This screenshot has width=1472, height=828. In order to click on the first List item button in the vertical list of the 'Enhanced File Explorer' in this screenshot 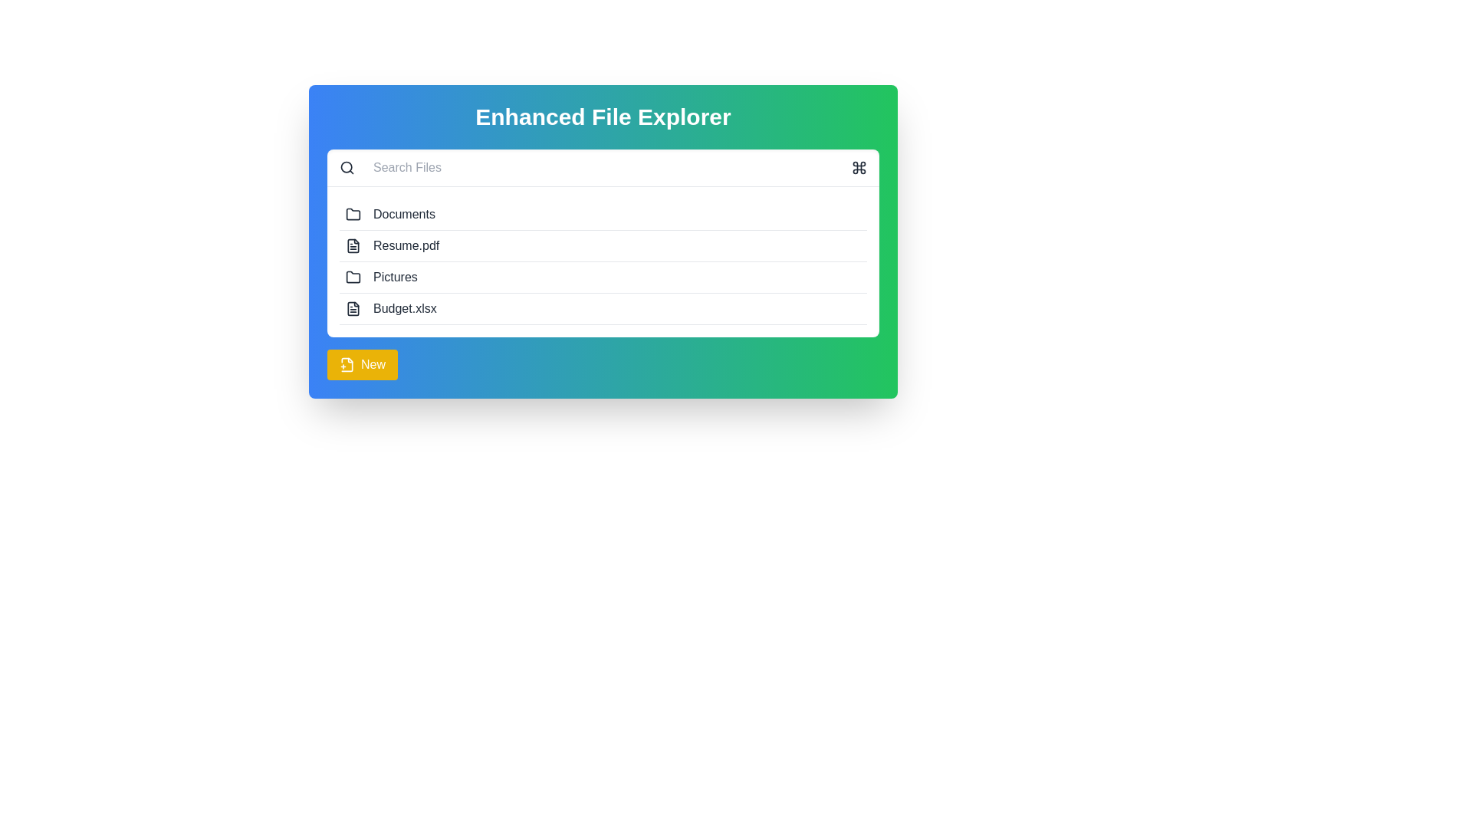, I will do `click(603, 215)`.